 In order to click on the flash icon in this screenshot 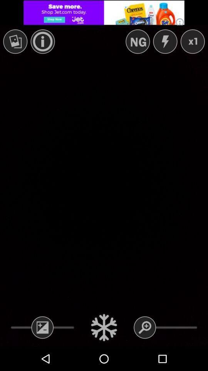, I will do `click(164, 41)`.